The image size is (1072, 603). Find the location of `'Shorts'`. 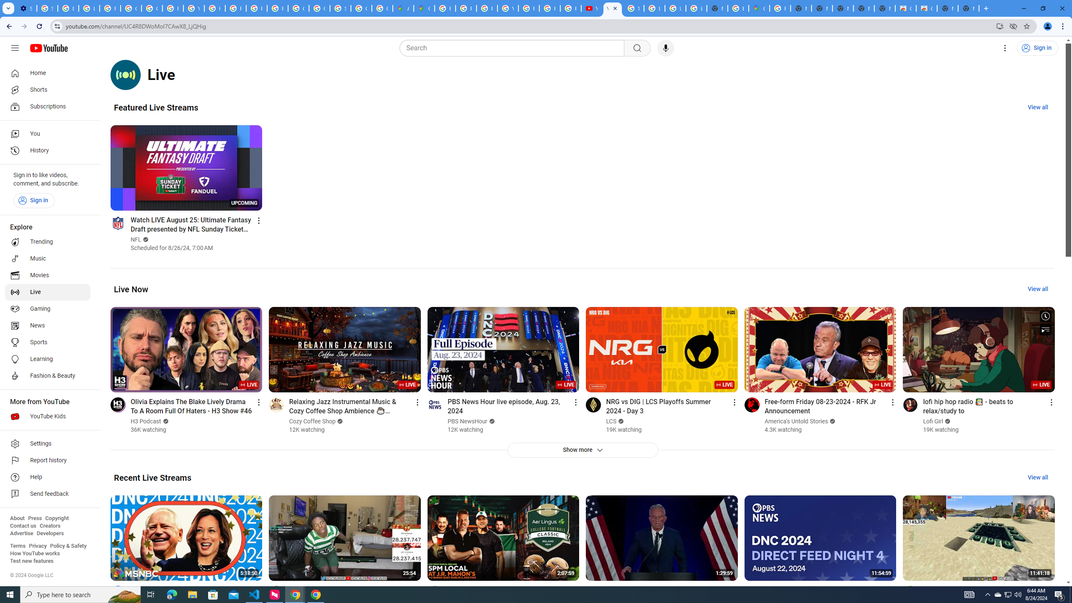

'Shorts' is located at coordinates (47, 90).